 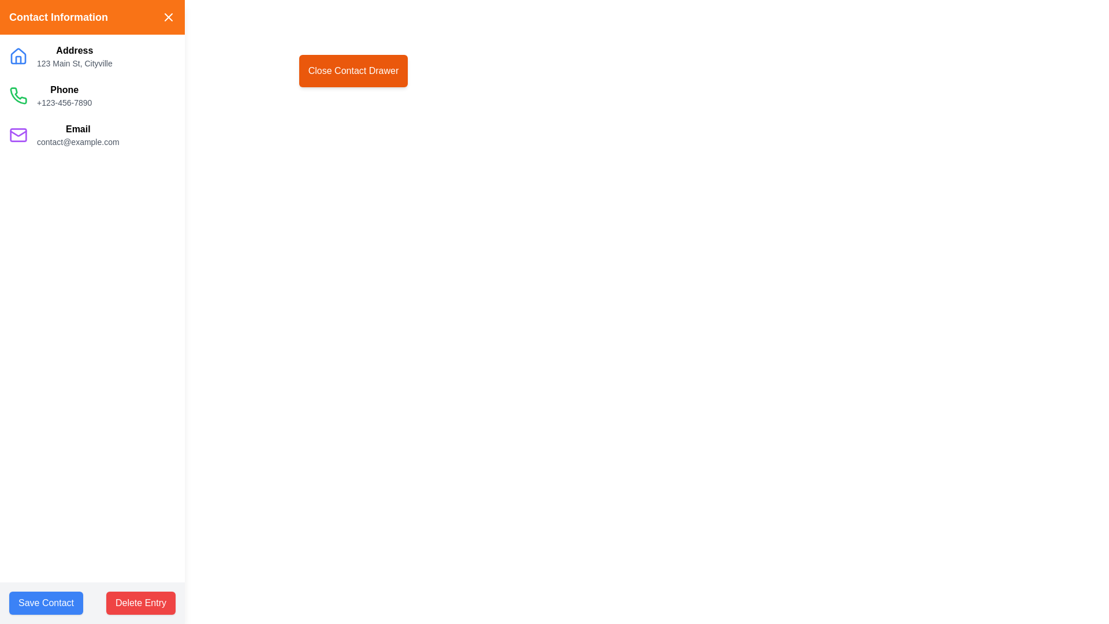 I want to click on the 'Address' text display element, which shows '123 Main St, Cityville', so click(x=74, y=56).